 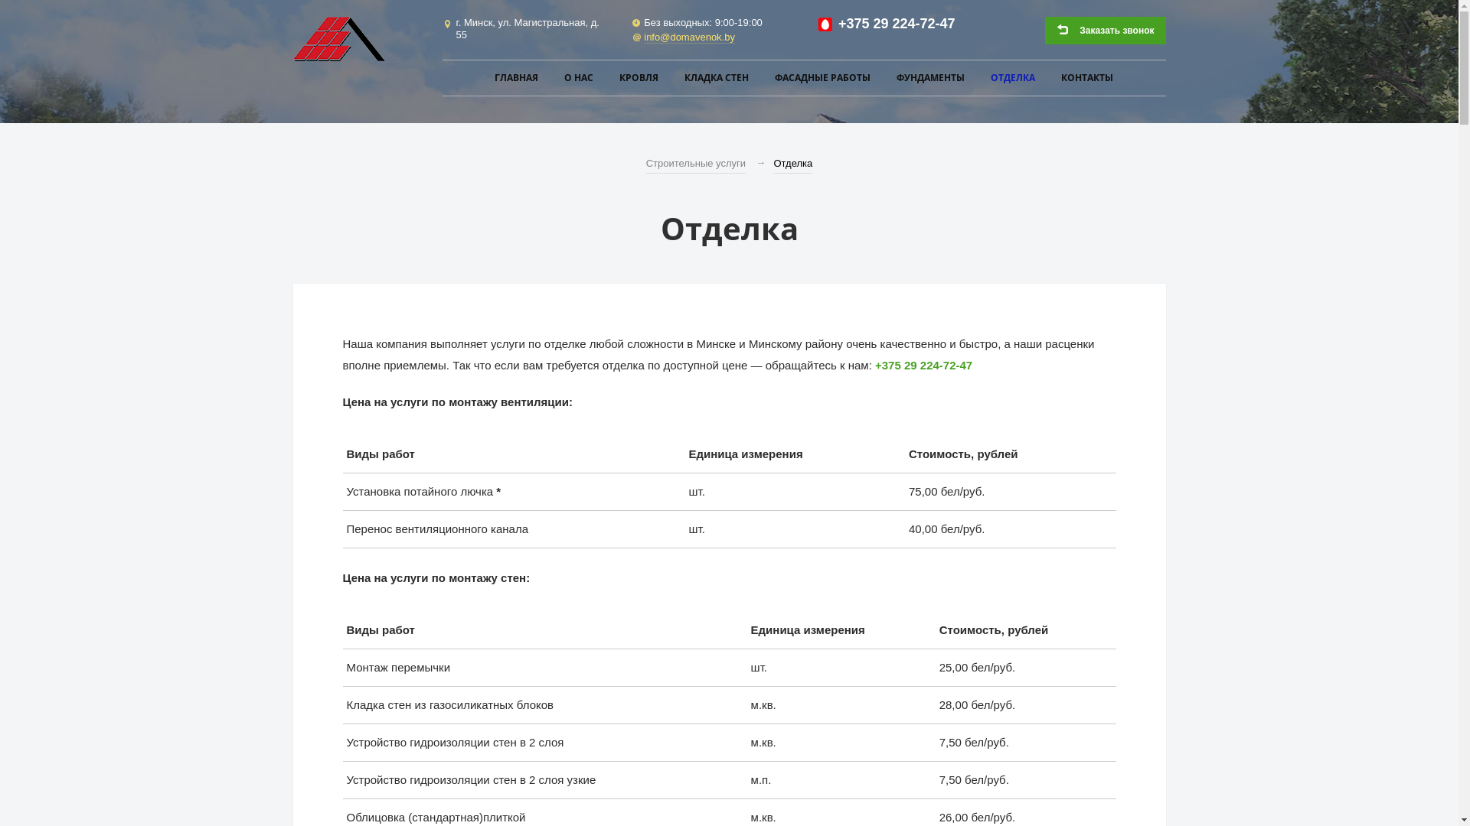 I want to click on 'info@domavenok.by', so click(x=688, y=37).